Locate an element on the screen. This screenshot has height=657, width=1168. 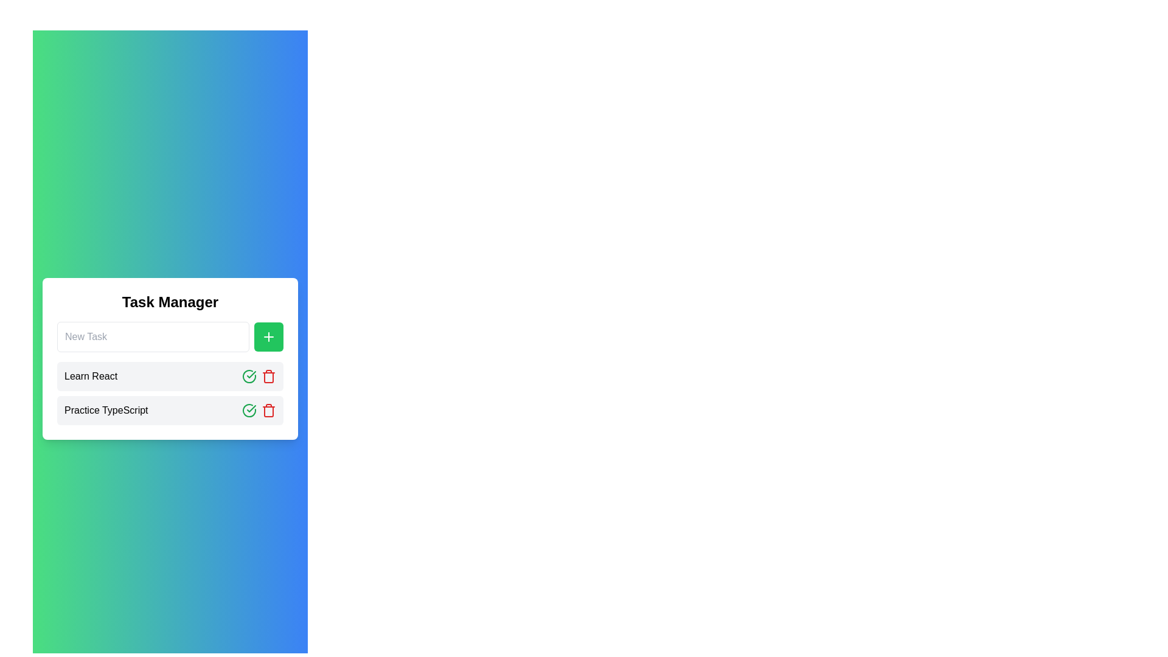
the first list item is located at coordinates (169, 375).